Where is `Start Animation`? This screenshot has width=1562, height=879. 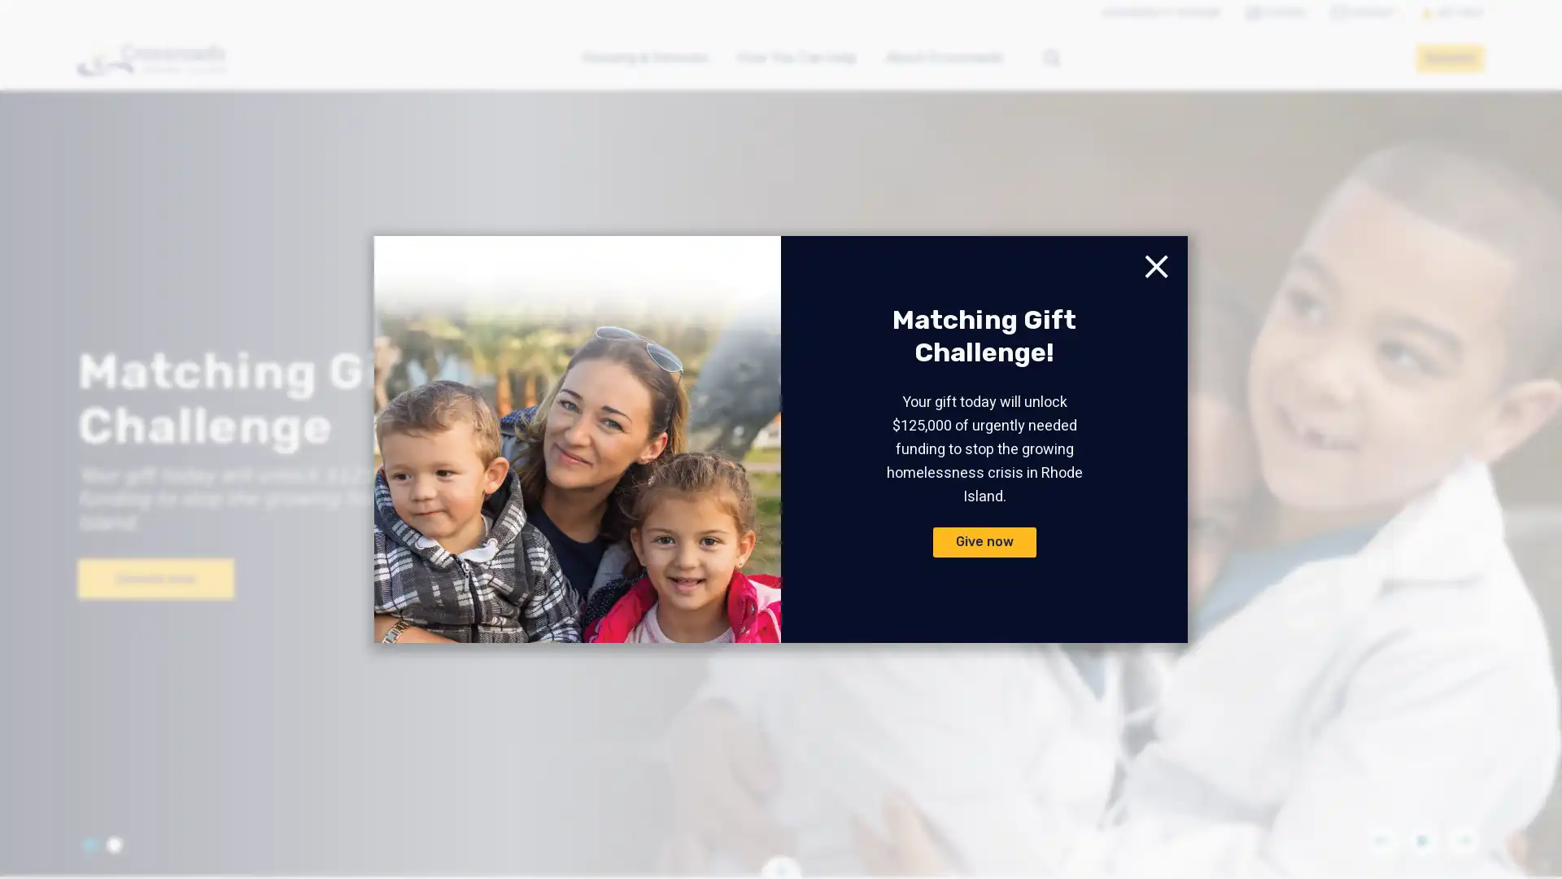 Start Animation is located at coordinates (1421, 841).